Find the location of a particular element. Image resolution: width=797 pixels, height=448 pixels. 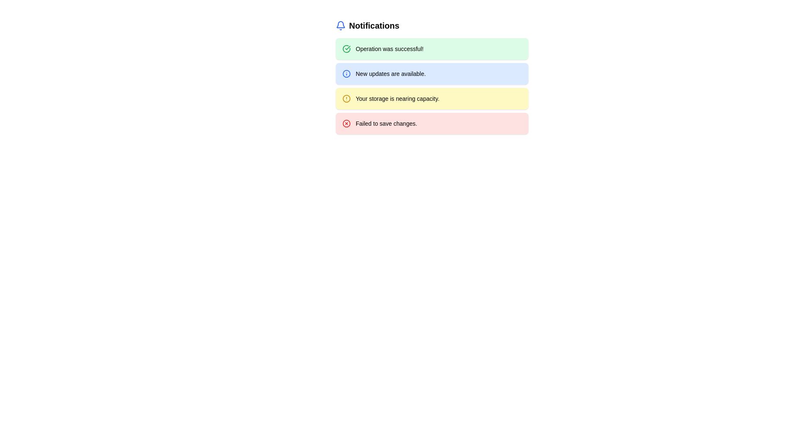

the text label that reads 'Operation was successful!' styled in black on a green background, located in the notification panel beside the green circular checkmark icon is located at coordinates (389, 49).